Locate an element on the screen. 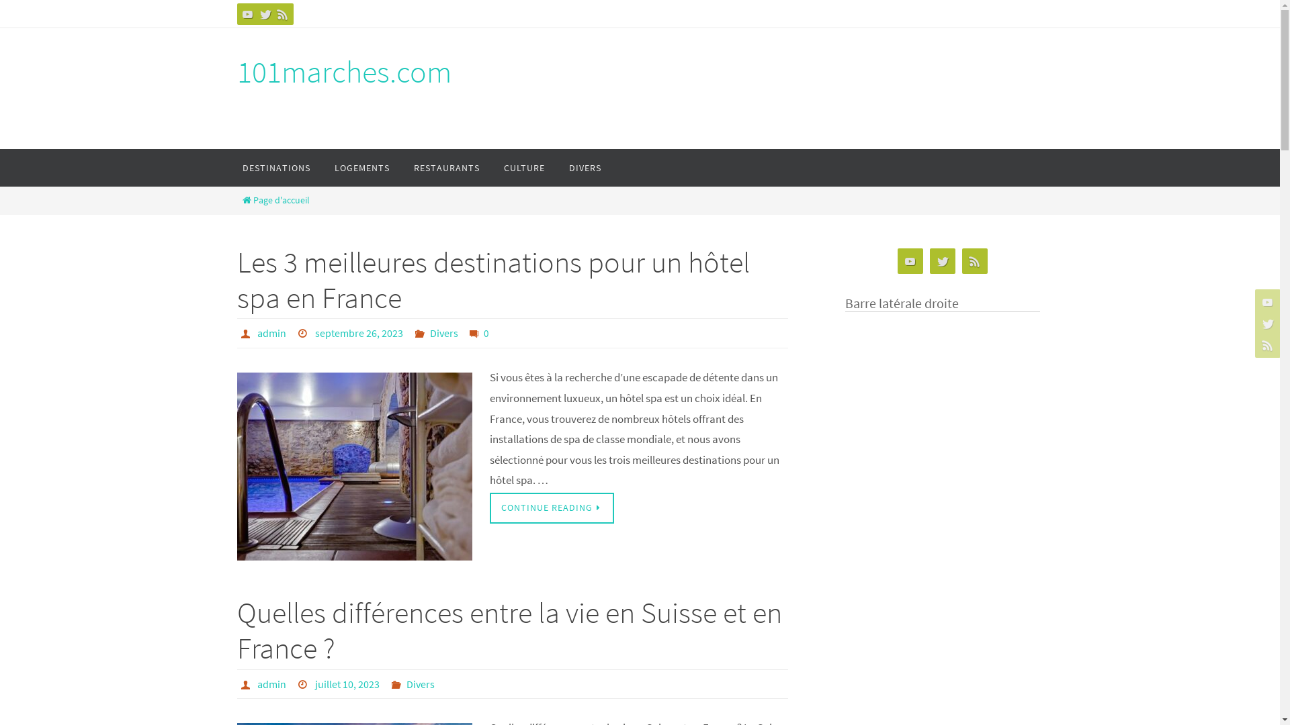  'DIVERS' is located at coordinates (584, 167).